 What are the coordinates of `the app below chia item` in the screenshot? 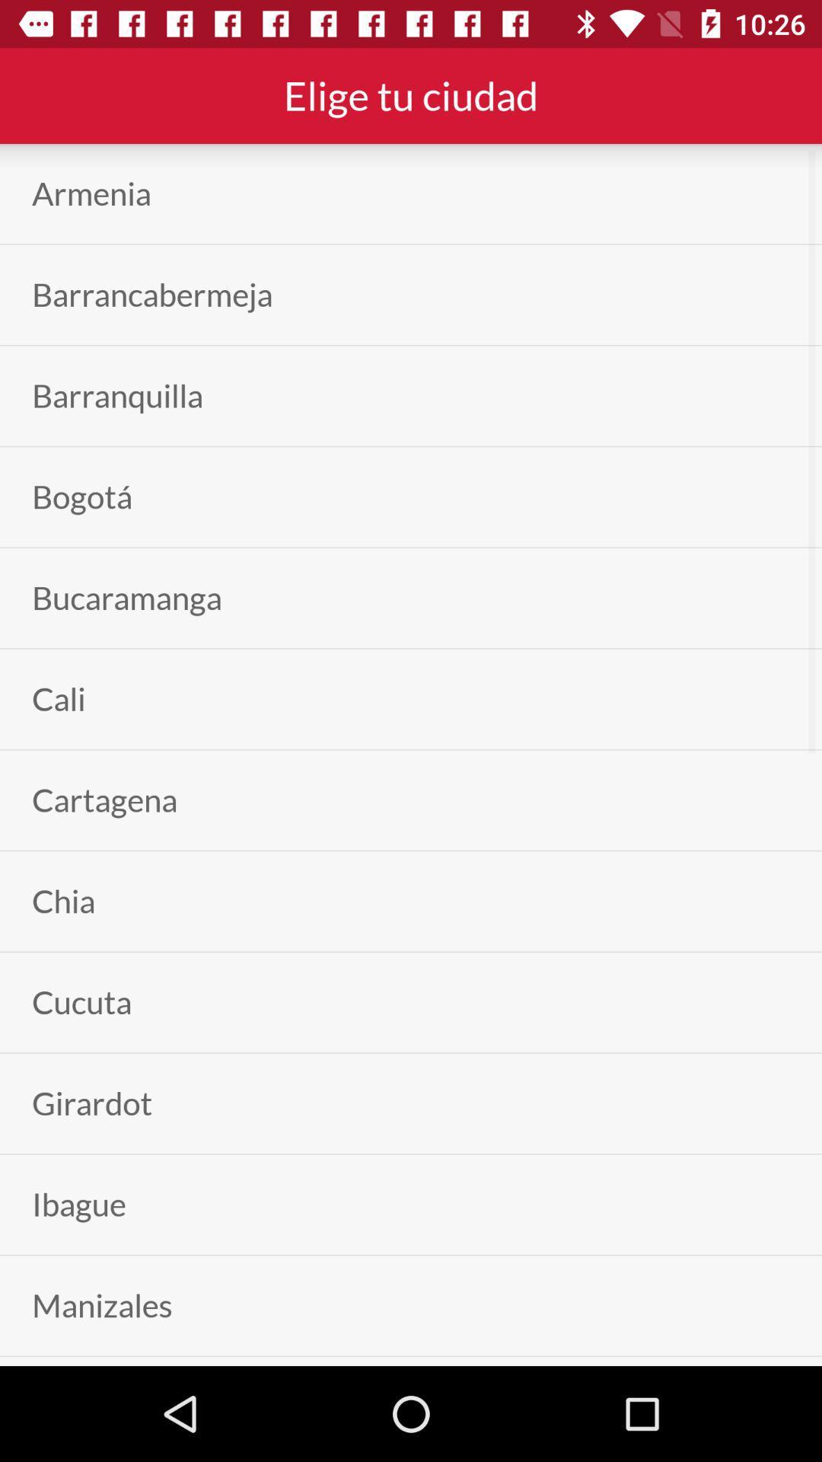 It's located at (81, 1002).